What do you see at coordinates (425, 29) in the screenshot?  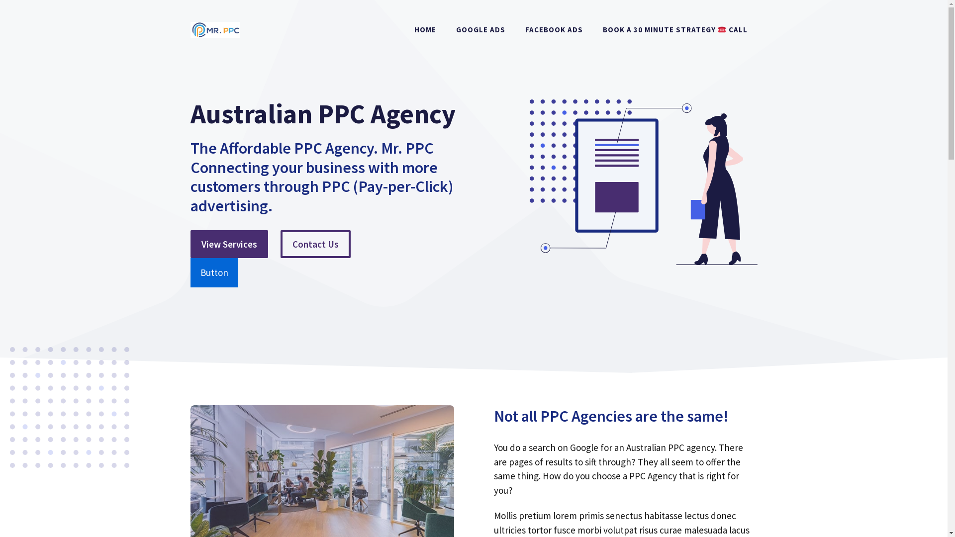 I see `'HOME'` at bounding box center [425, 29].